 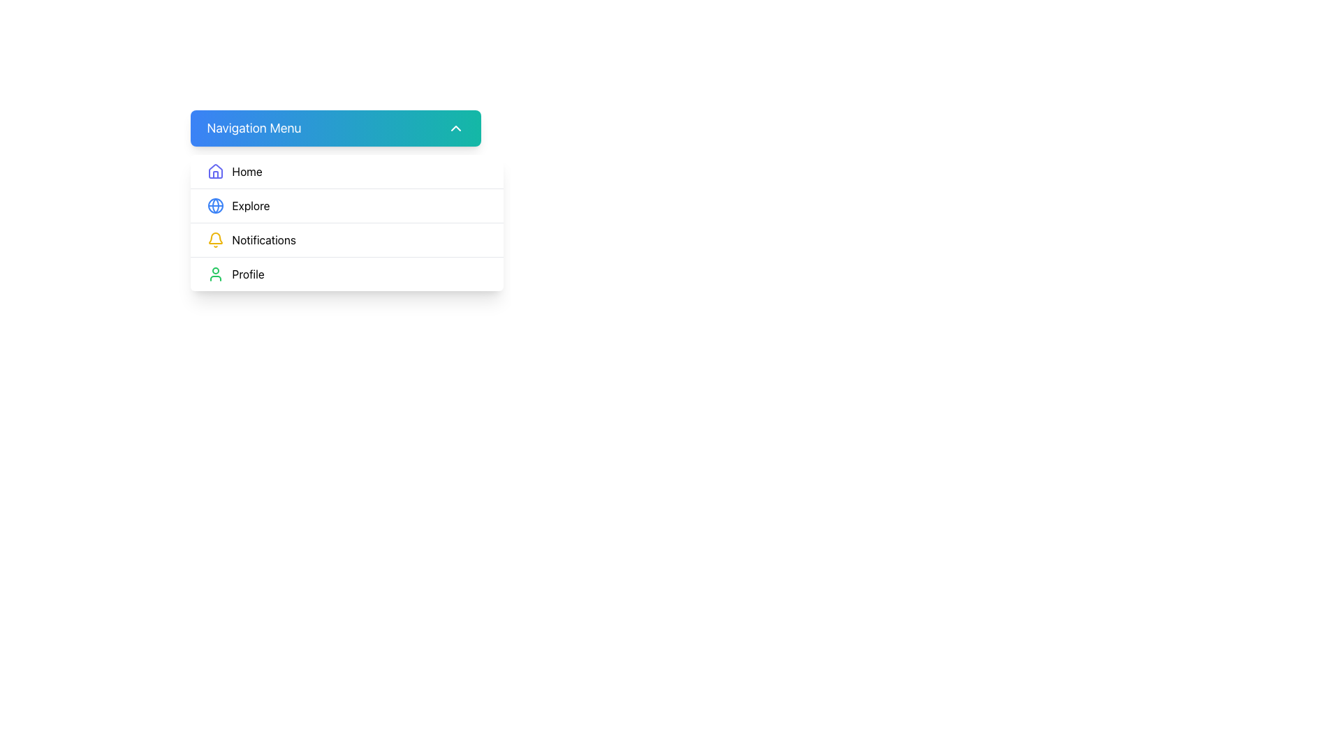 I want to click on the Dropdown button labeled 'Navigation Menu' with a gradient background transitioning from blue to teal, so click(x=335, y=128).